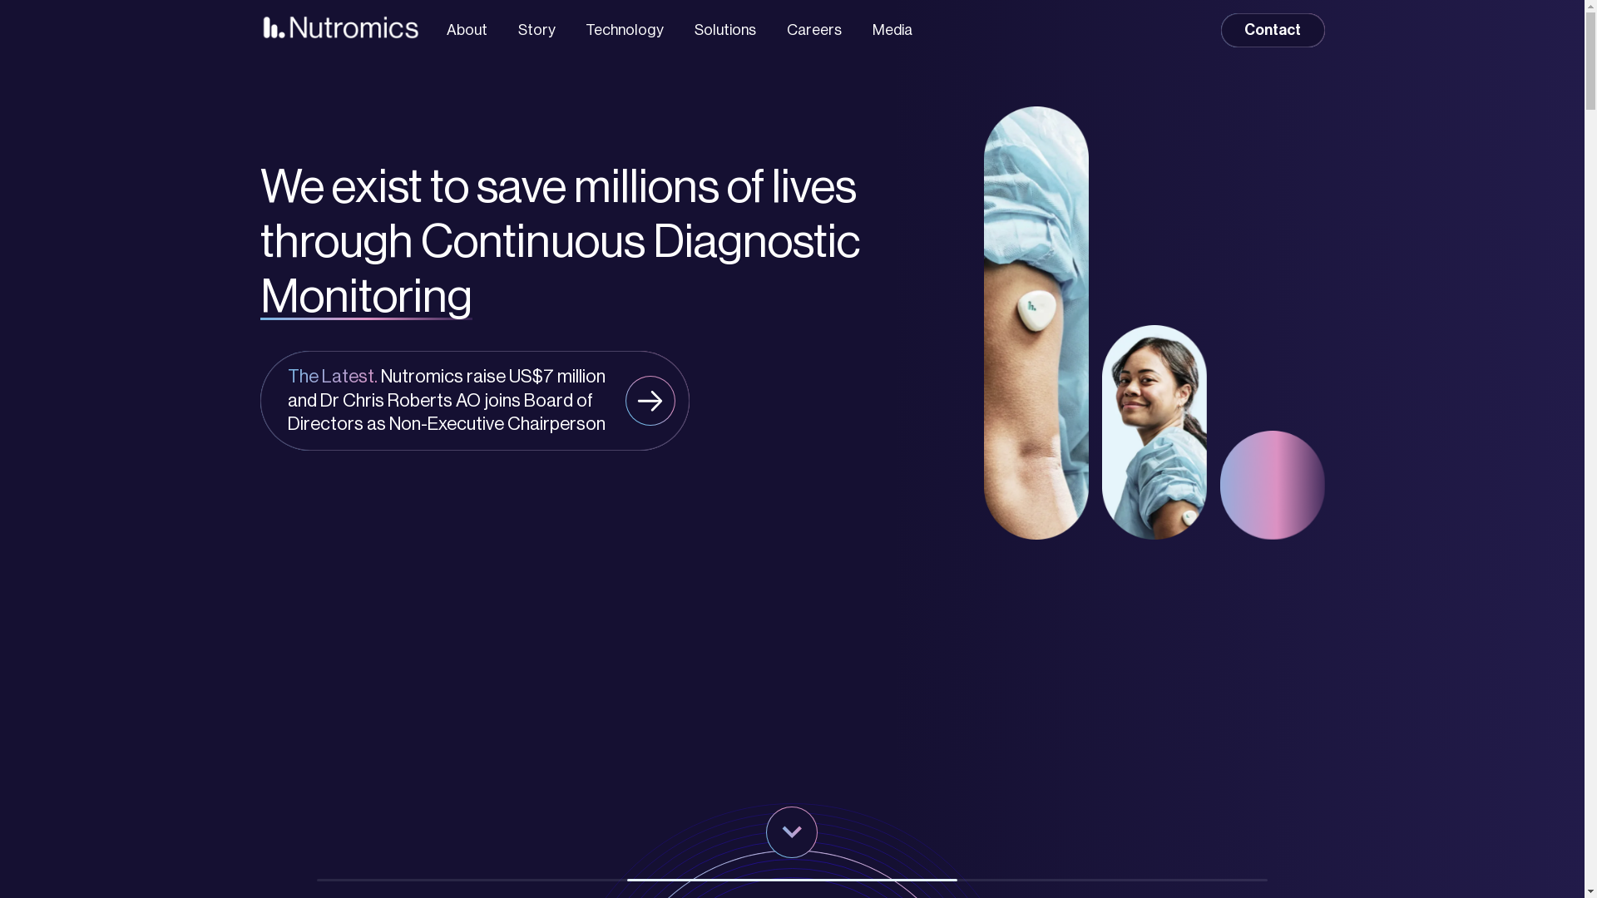 The height and width of the screenshot is (898, 1597). What do you see at coordinates (536, 30) in the screenshot?
I see `'Story'` at bounding box center [536, 30].